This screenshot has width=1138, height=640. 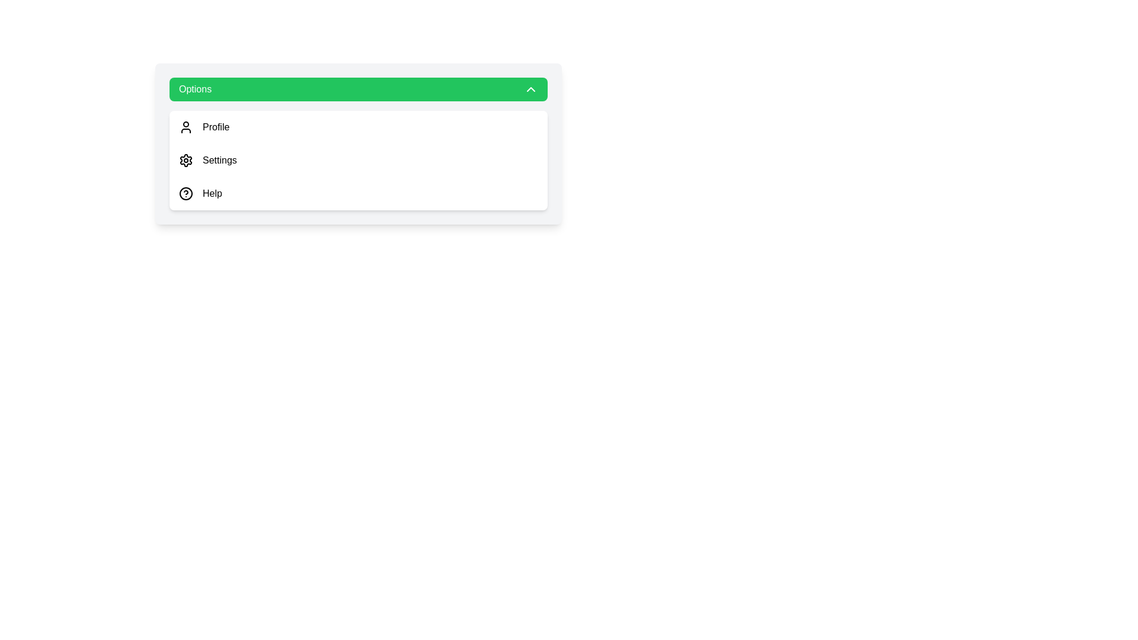 What do you see at coordinates (185, 160) in the screenshot?
I see `the settings icon located beneath the 'Options' header, adjacent to the text 'Settings.'` at bounding box center [185, 160].